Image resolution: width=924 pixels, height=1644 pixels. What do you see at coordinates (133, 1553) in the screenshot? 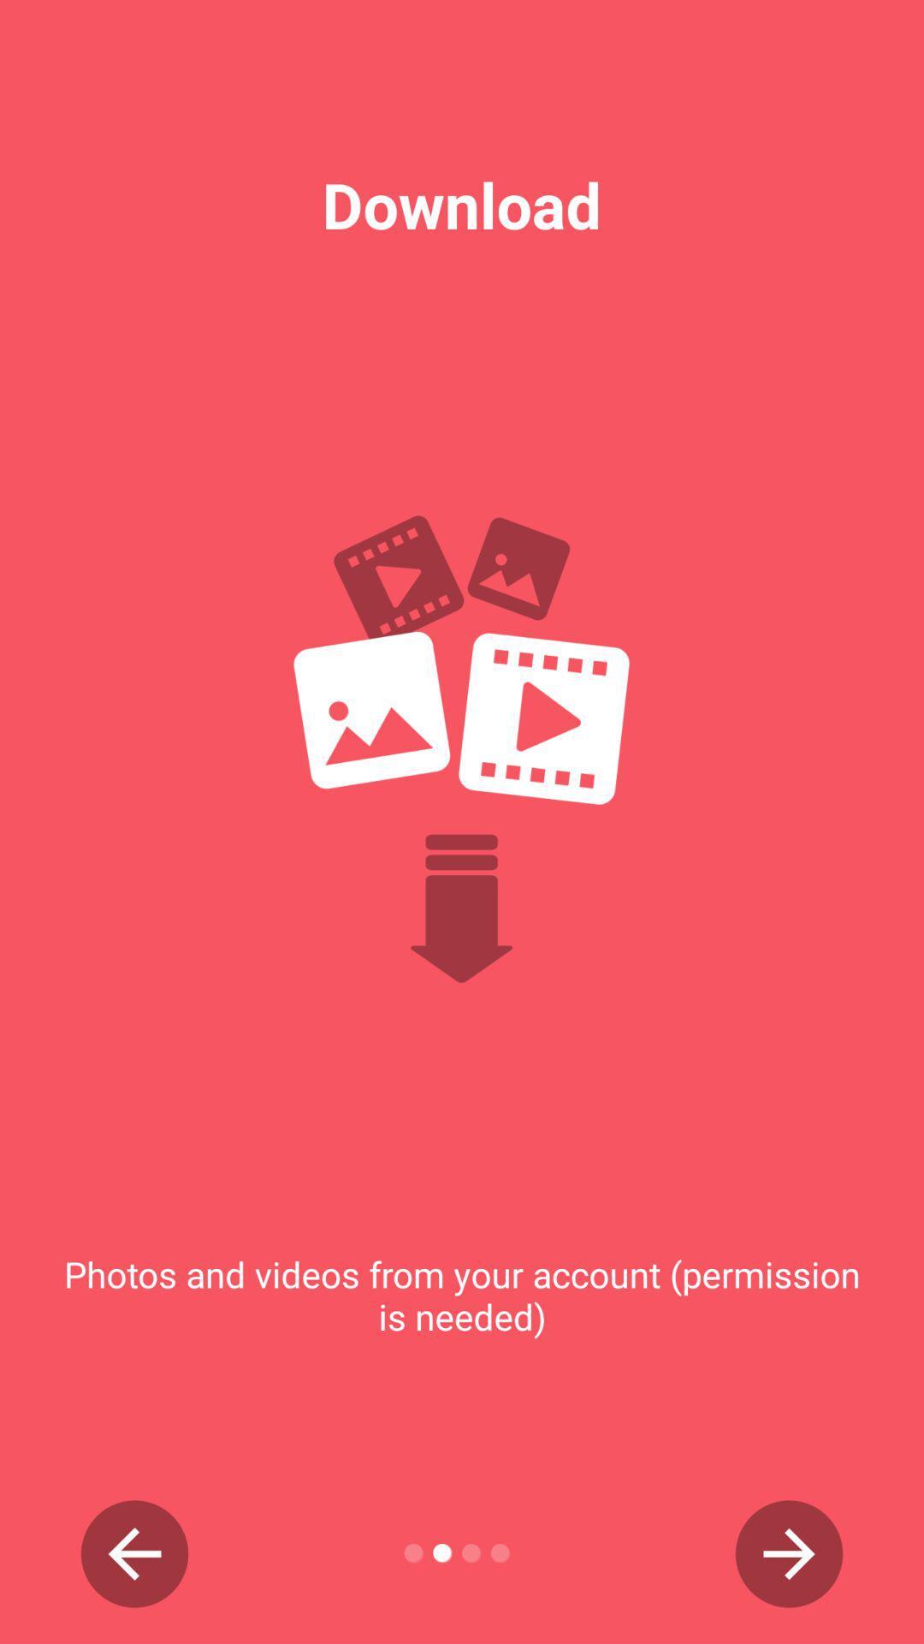
I see `item at the bottom left corner` at bounding box center [133, 1553].